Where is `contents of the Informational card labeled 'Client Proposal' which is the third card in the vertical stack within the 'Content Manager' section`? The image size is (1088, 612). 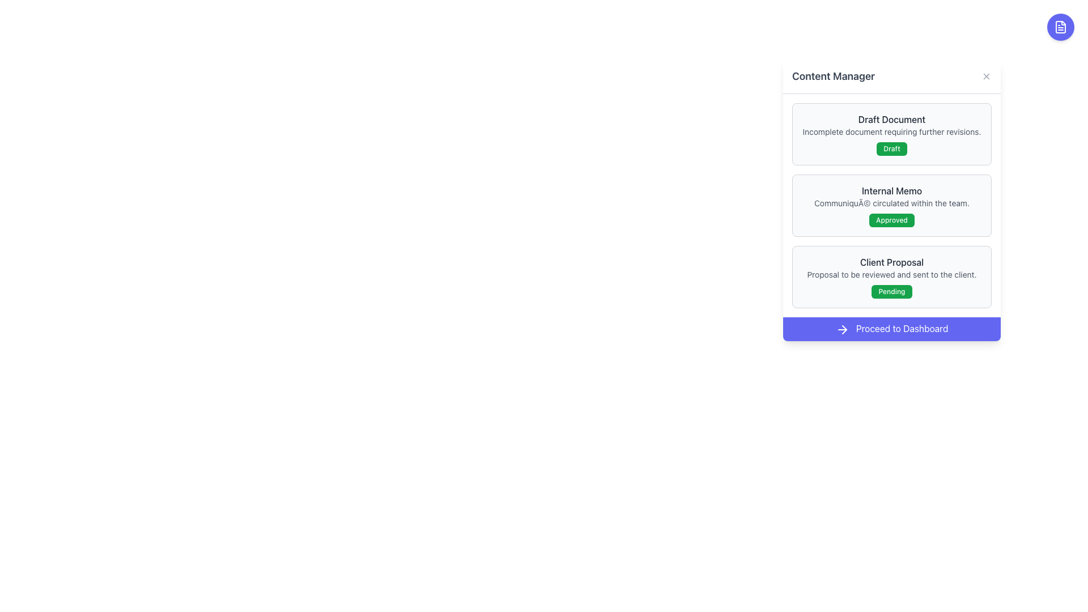
contents of the Informational card labeled 'Client Proposal' which is the third card in the vertical stack within the 'Content Manager' section is located at coordinates (891, 277).